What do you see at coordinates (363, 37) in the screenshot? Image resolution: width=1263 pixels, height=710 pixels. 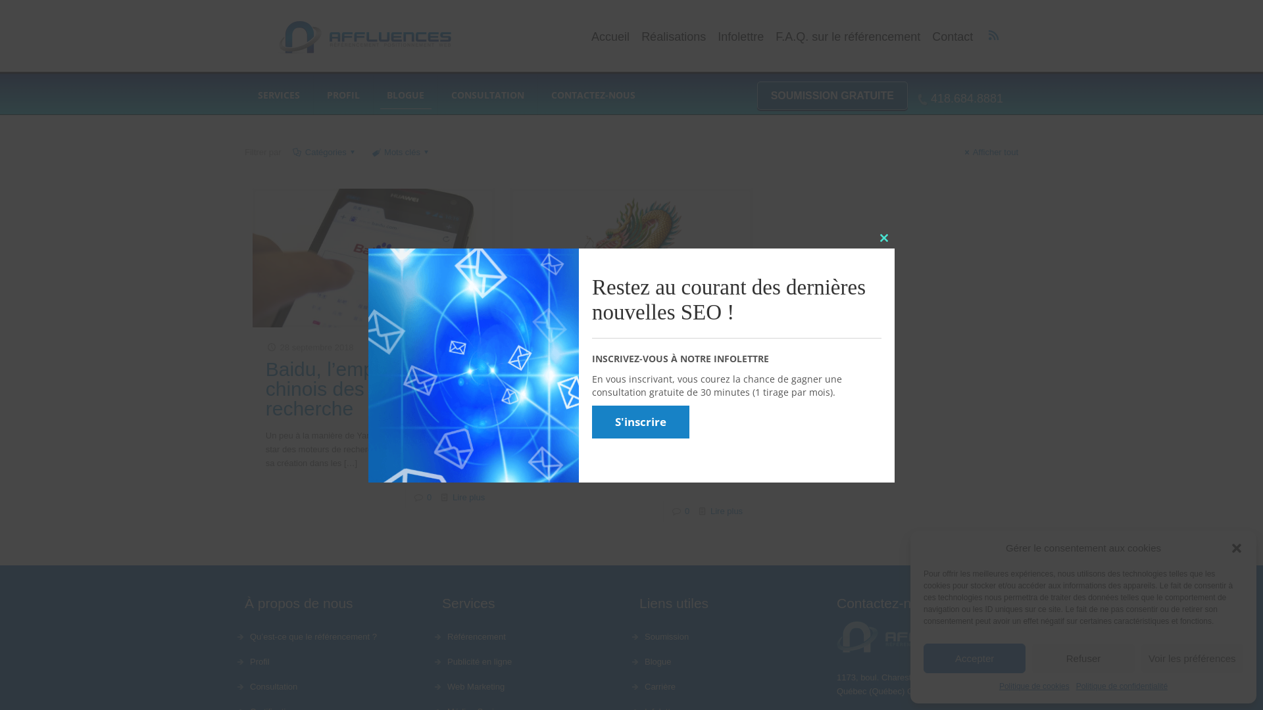 I see `'Affluences'` at bounding box center [363, 37].